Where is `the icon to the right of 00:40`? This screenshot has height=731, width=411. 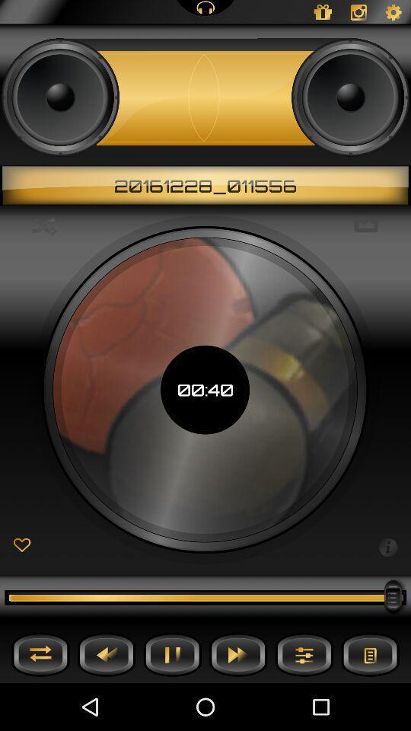
the icon to the right of 00:40 is located at coordinates (387, 546).